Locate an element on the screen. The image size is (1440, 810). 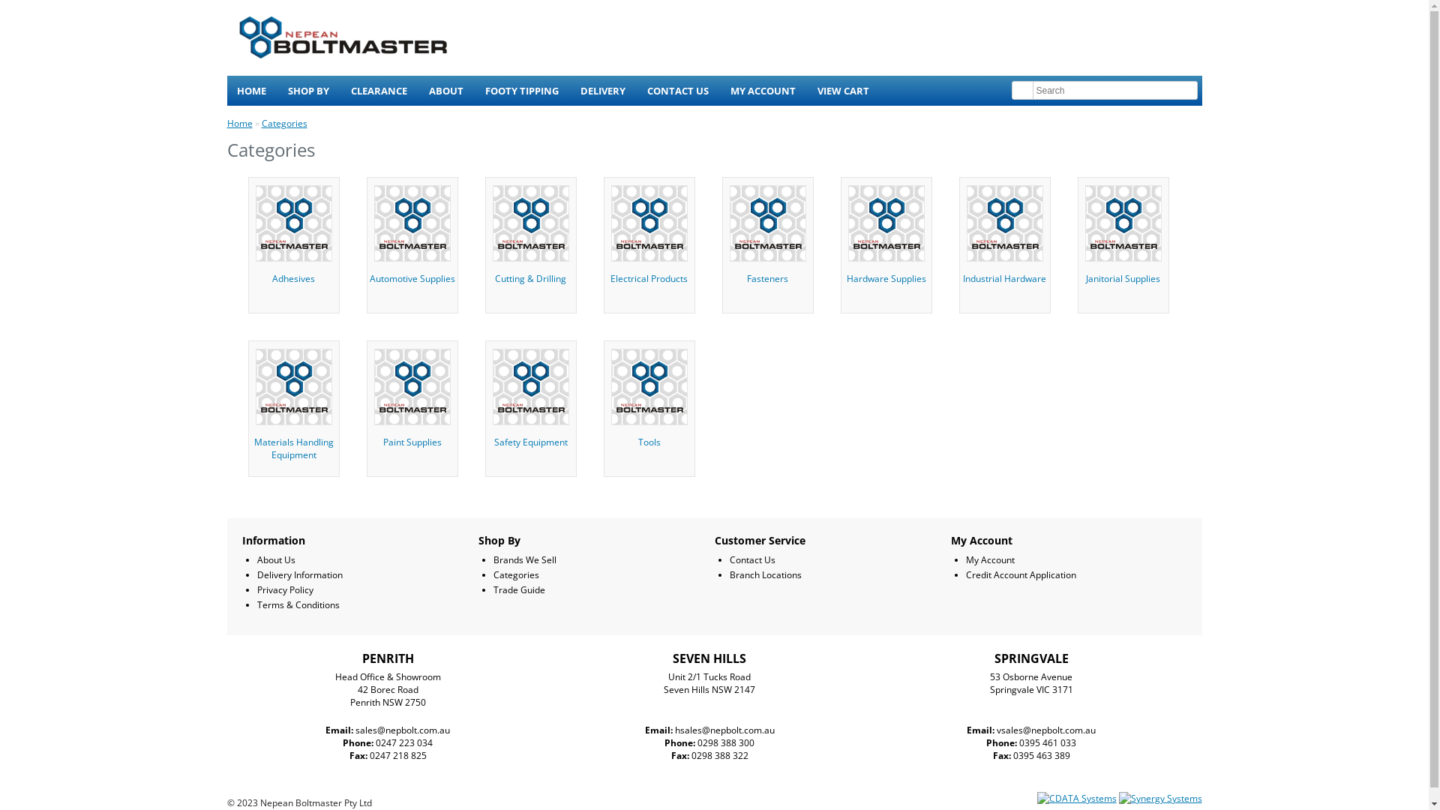
'Nepean Boltmaster' is located at coordinates (237, 37).